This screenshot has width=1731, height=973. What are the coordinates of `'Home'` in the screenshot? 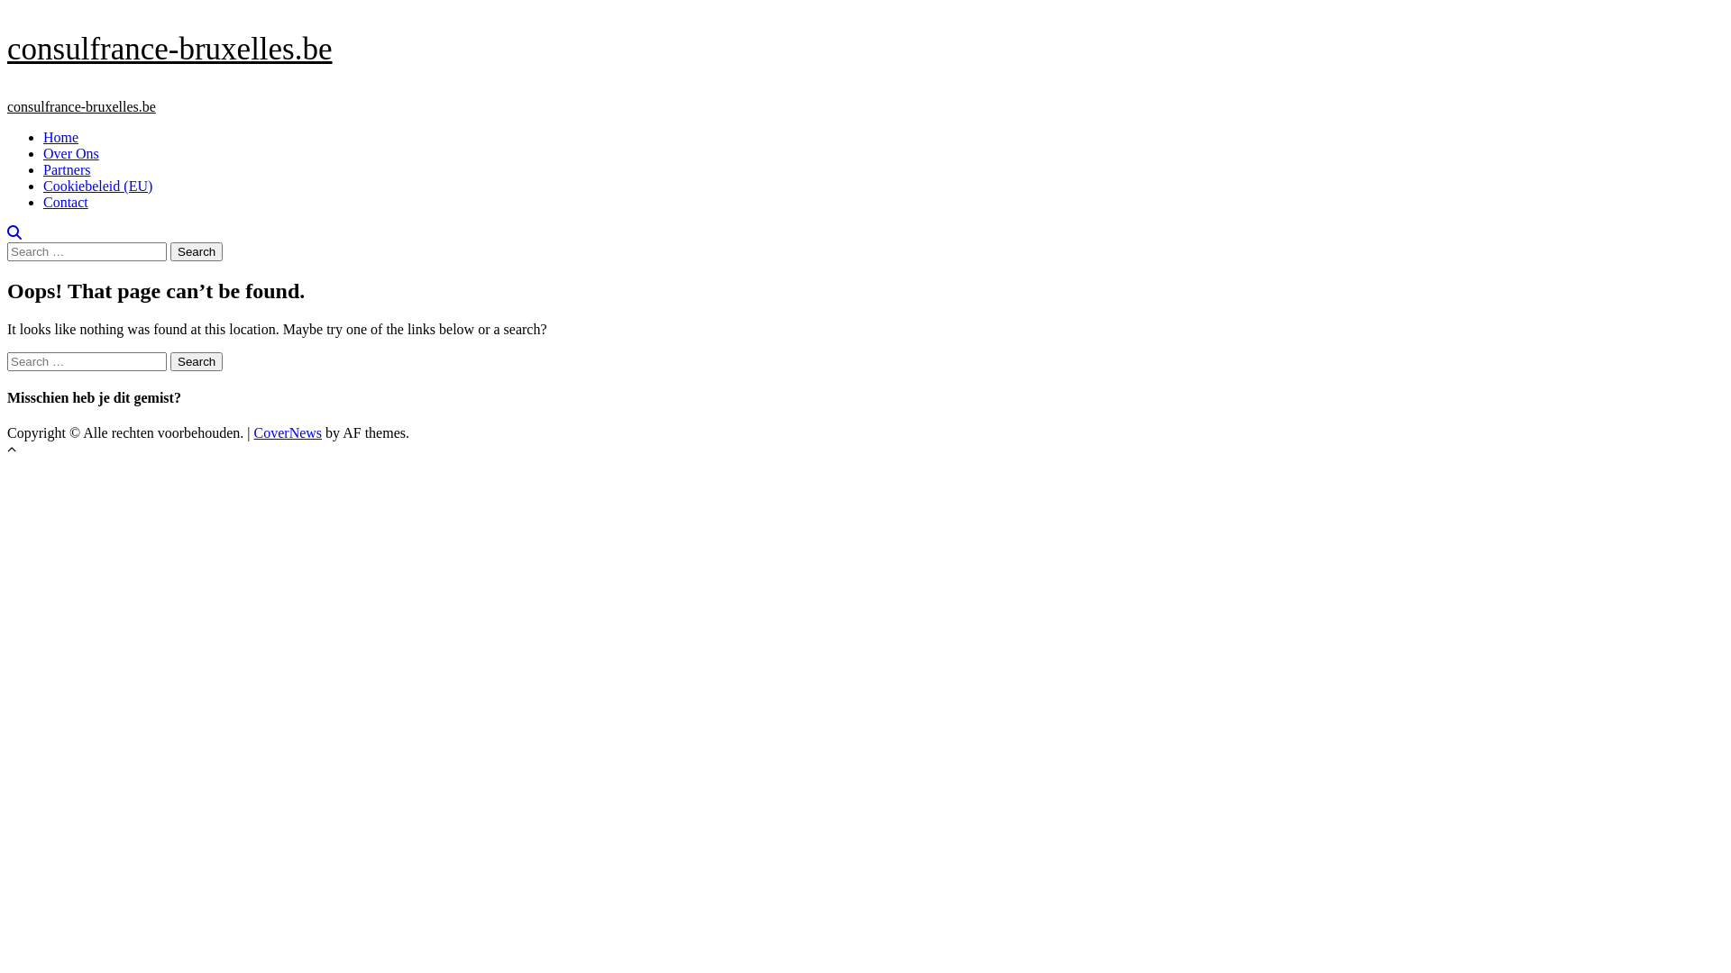 It's located at (60, 136).